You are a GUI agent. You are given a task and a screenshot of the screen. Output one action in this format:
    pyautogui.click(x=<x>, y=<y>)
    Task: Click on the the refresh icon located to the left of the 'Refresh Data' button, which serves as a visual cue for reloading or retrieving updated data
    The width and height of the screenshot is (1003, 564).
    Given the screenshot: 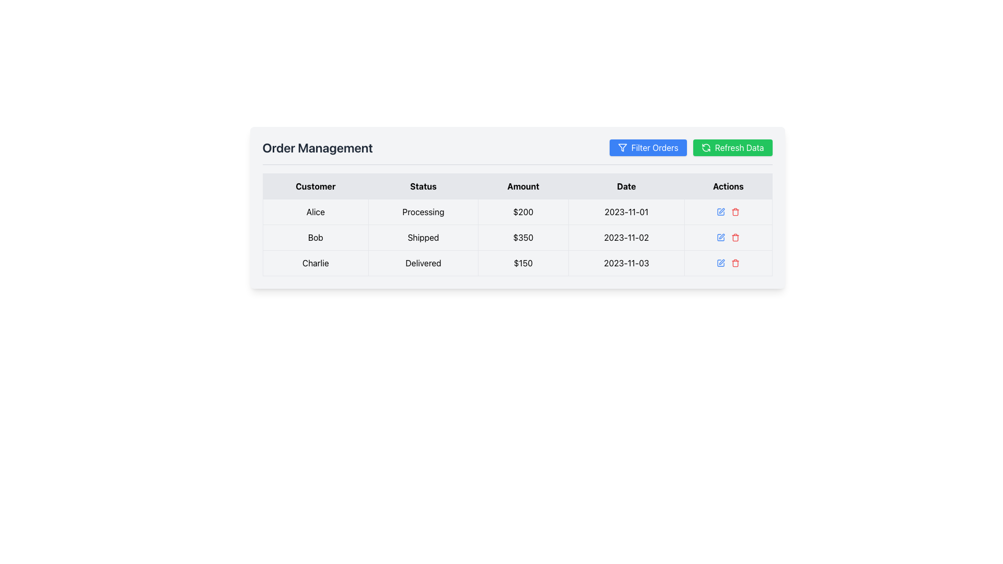 What is the action you would take?
    pyautogui.click(x=706, y=147)
    